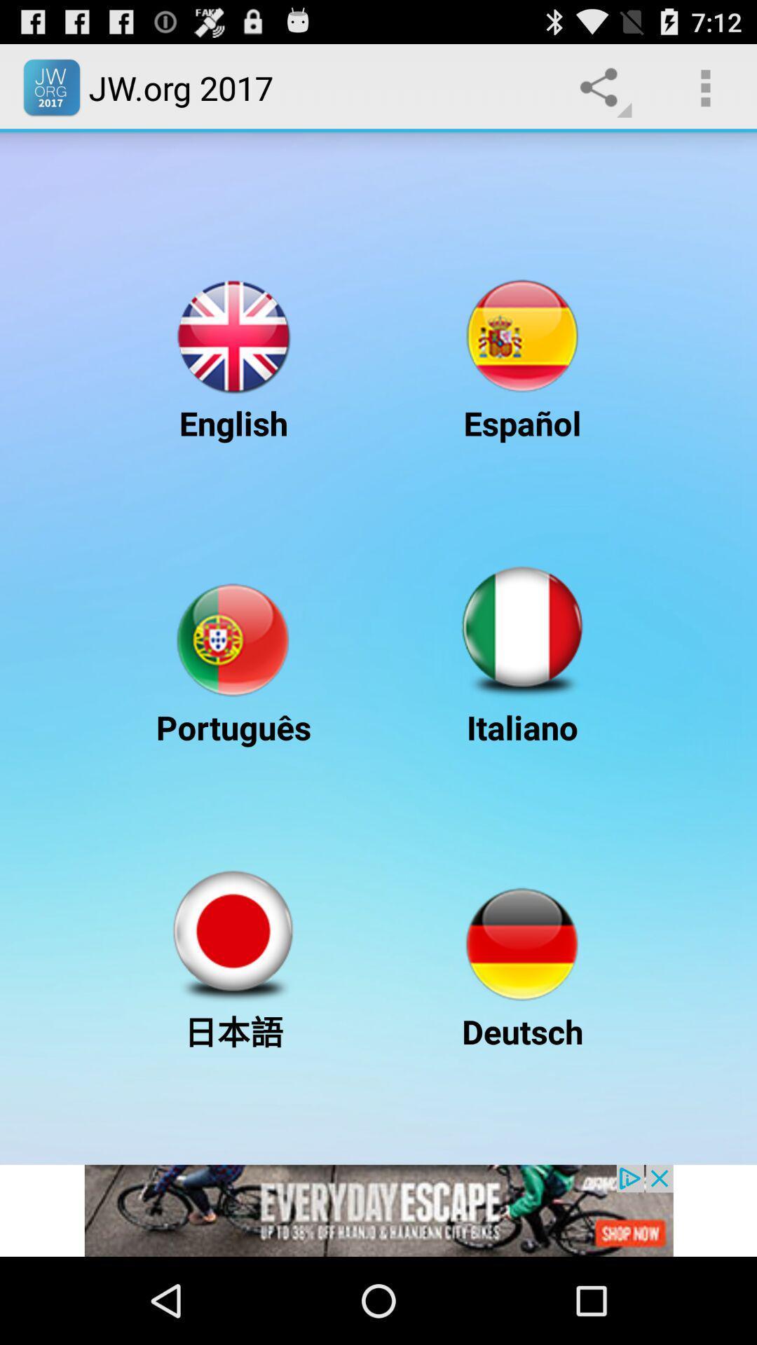  I want to click on advertisement page, so click(378, 1210).